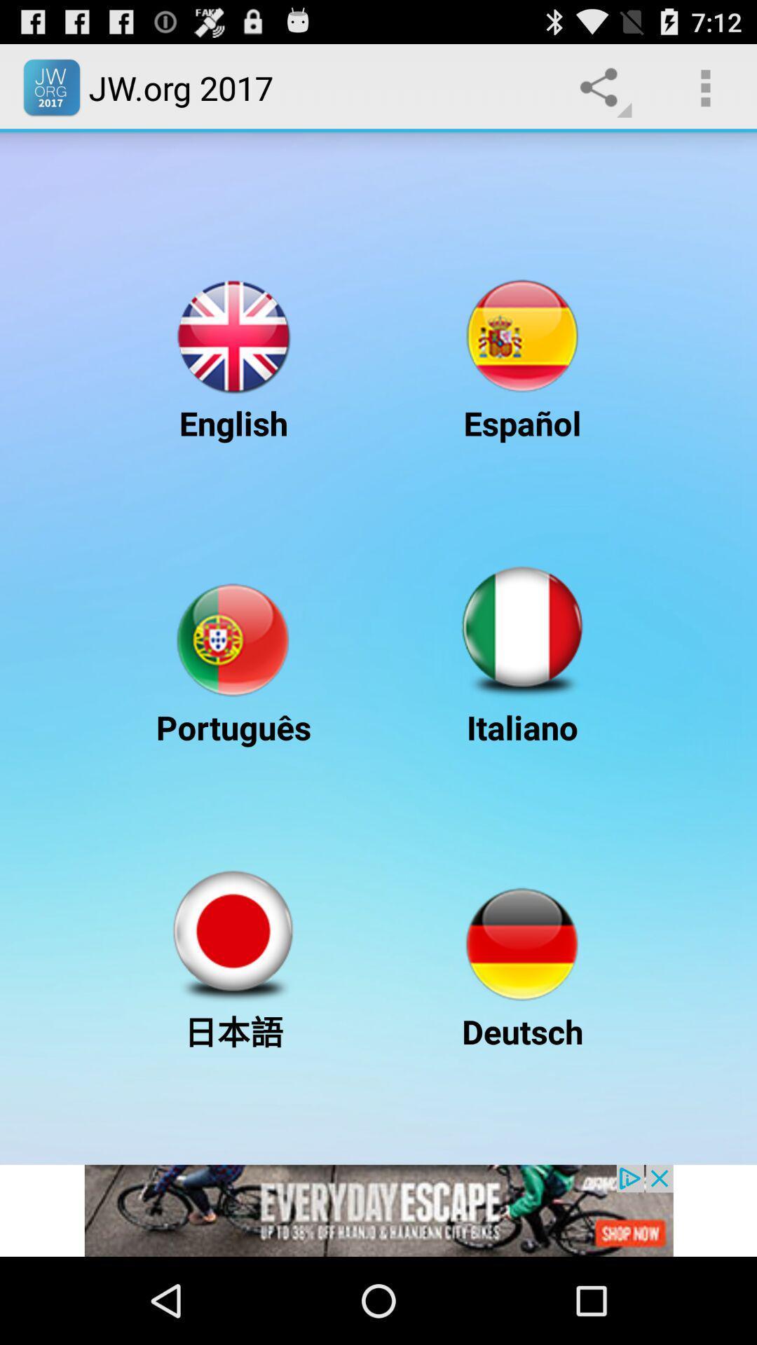  I want to click on advertisement page, so click(378, 1210).